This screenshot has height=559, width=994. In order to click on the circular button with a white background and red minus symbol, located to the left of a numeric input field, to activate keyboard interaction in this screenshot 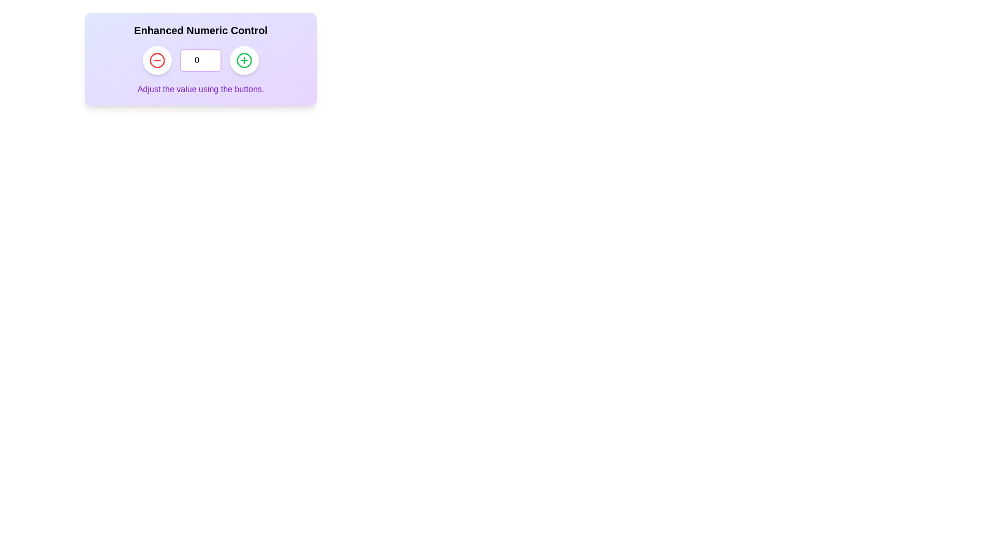, I will do `click(156, 60)`.